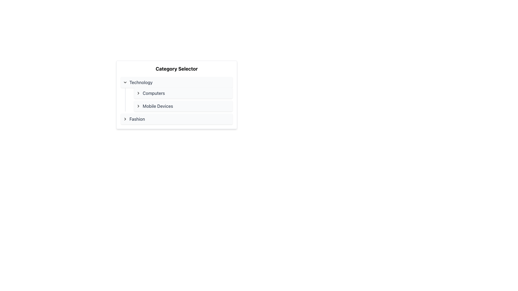 This screenshot has height=291, width=518. What do you see at coordinates (176, 94) in the screenshot?
I see `the first item in the 'Technology' dropdown list, which is a clickable option for navigating to the 'Computers' section` at bounding box center [176, 94].